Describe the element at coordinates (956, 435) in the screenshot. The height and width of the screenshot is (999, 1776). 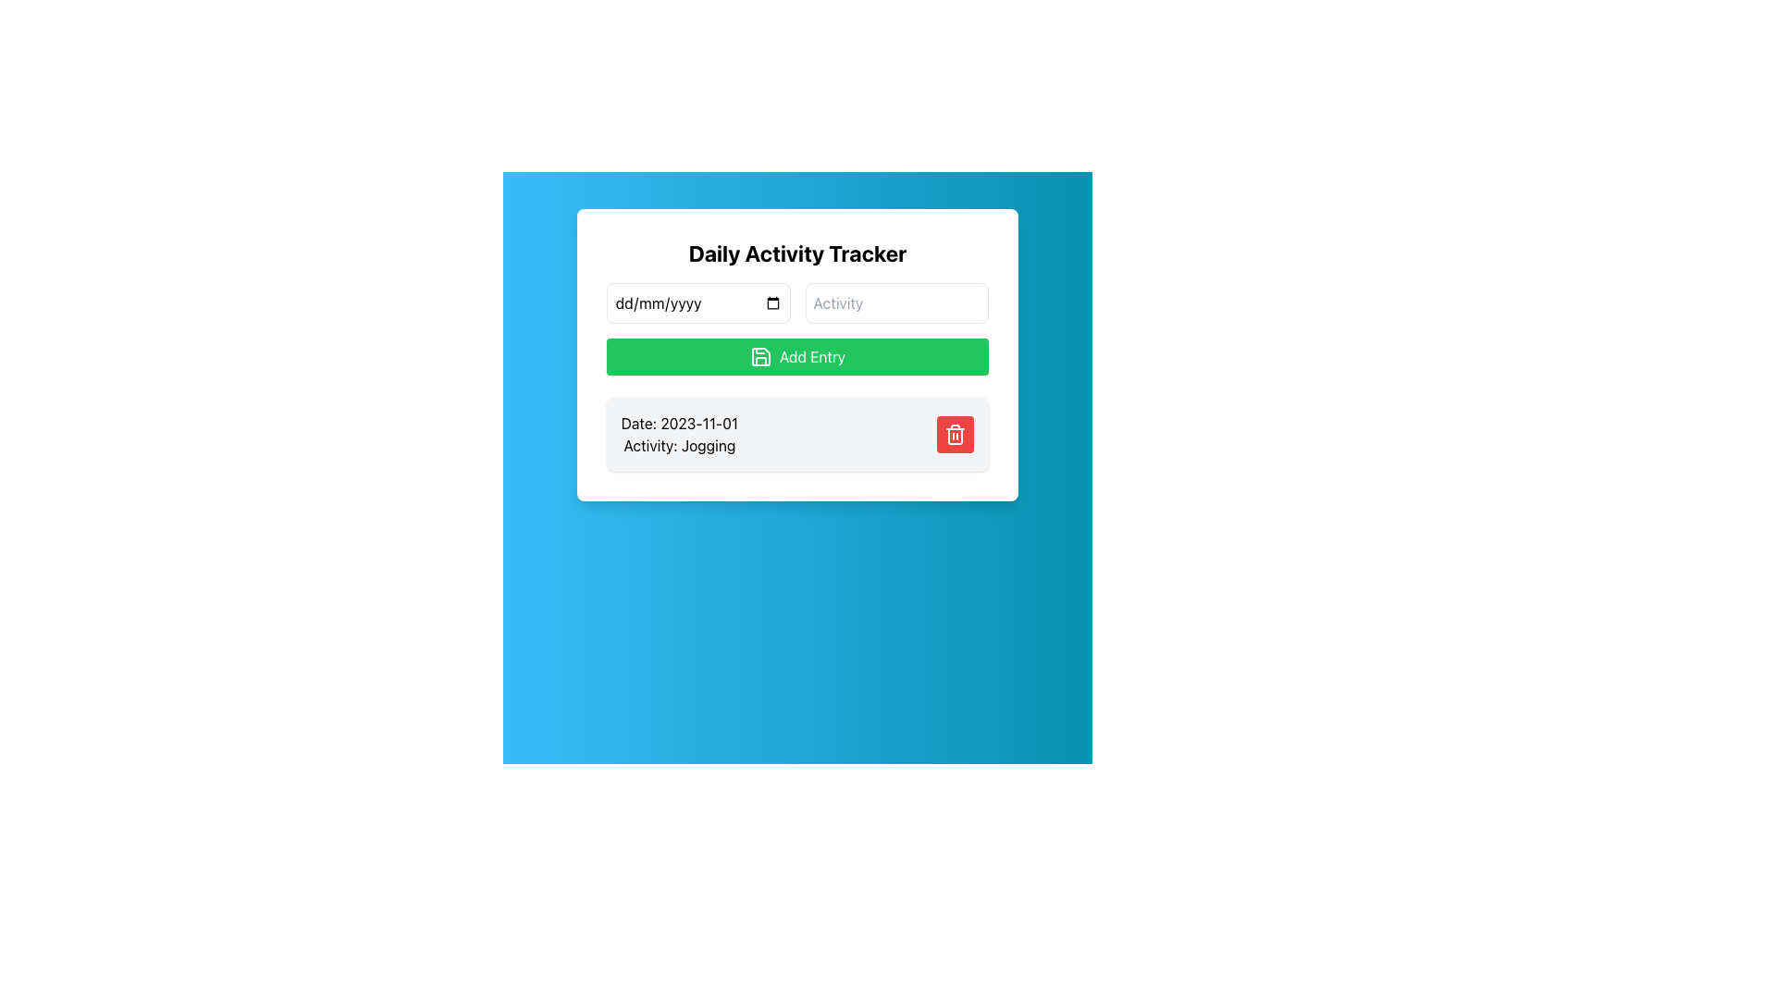
I see `the red rounded button with a white trash can icon located at the far right of the content row` at that location.